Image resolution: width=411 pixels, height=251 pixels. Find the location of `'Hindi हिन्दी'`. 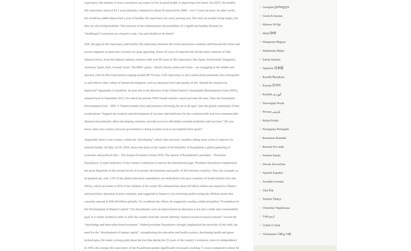

'Hindi हिन्दी' is located at coordinates (269, 33).